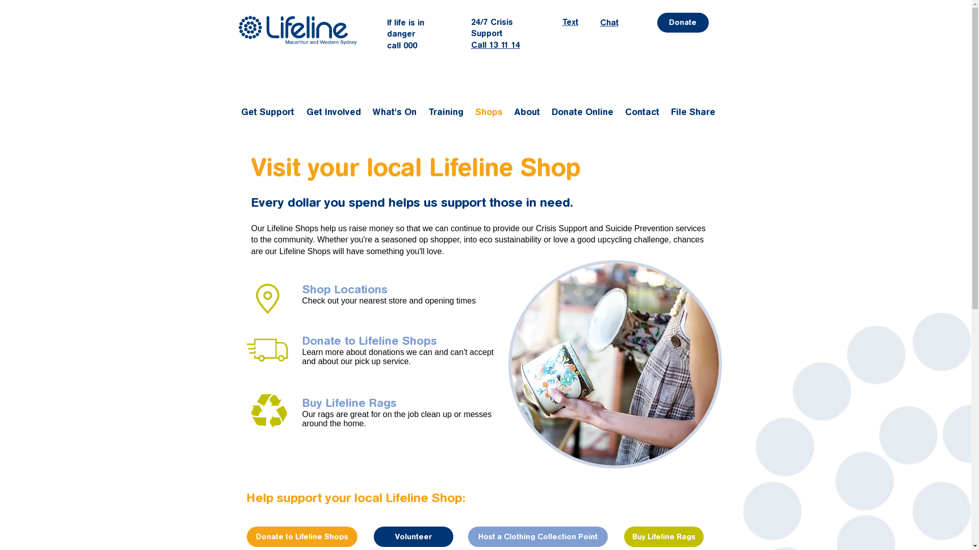 This screenshot has height=550, width=979. What do you see at coordinates (682, 22) in the screenshot?
I see `'Donate'` at bounding box center [682, 22].